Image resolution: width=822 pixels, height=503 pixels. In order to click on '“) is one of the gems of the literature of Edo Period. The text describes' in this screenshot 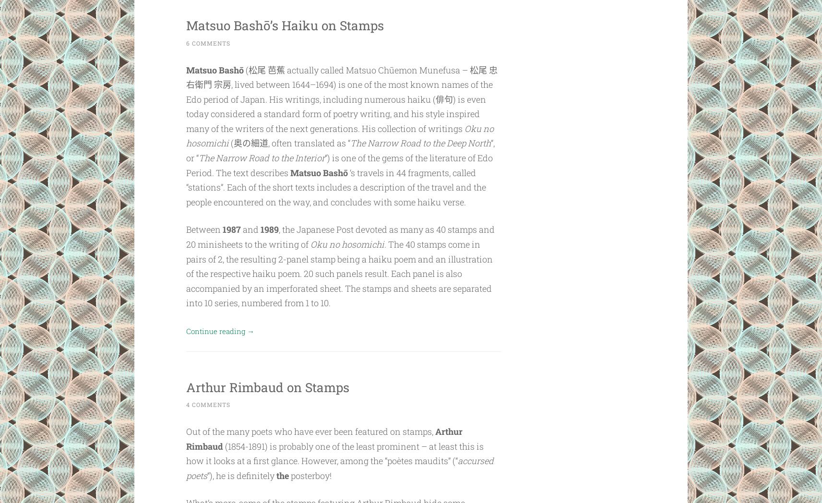, I will do `click(339, 165)`.